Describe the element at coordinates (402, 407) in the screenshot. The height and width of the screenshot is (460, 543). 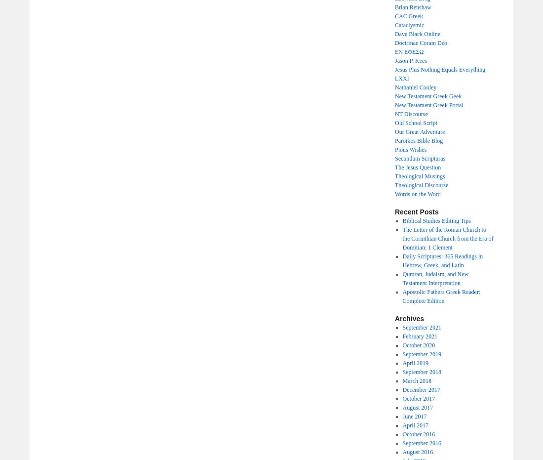
I see `'August 2017'` at that location.